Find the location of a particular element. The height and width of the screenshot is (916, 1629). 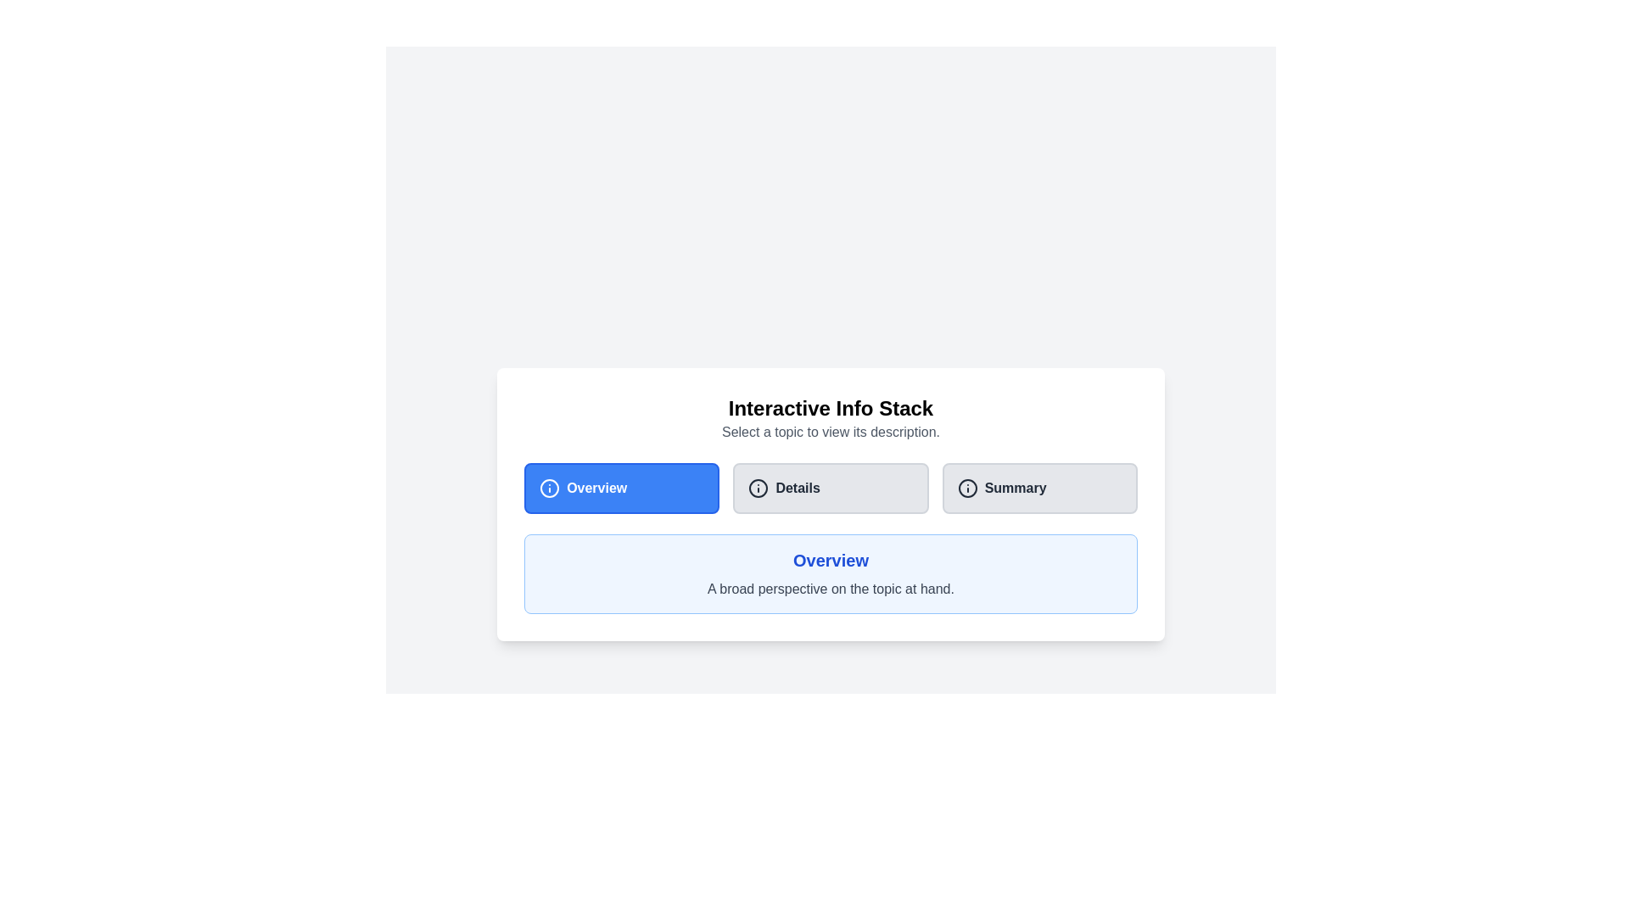

the Header text element which serves as a title for the content below it, positioned above the 'Select a topic is located at coordinates (831, 409).